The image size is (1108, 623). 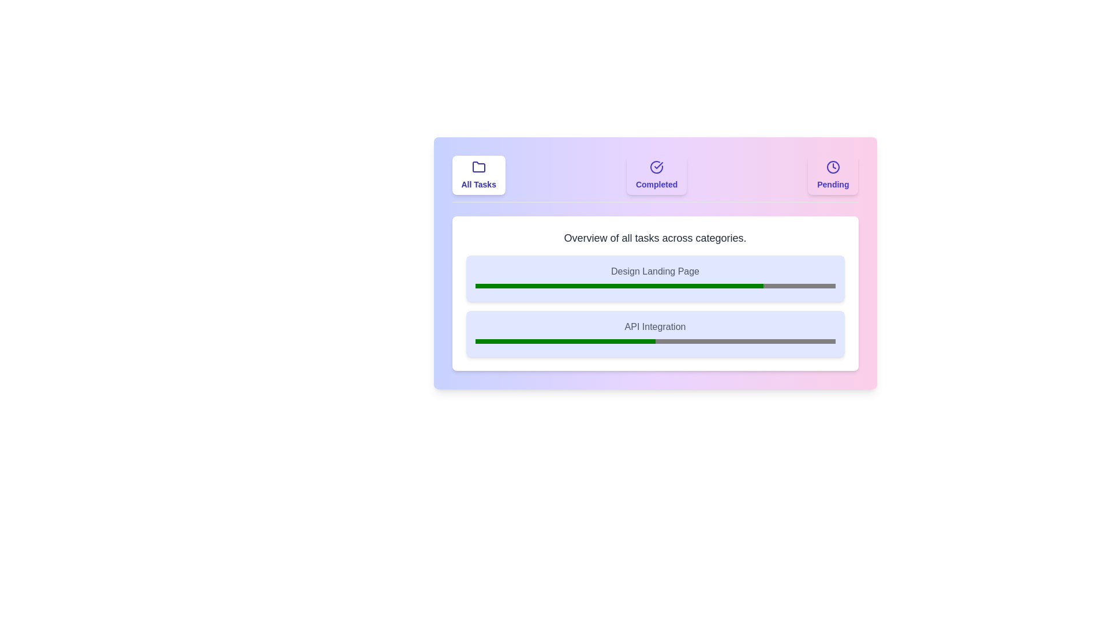 I want to click on text label displaying 'Completed' which is located at the center-bottom of a button-like component in the top-middle area between 'All Tasks' and 'Pending', so click(x=657, y=184).